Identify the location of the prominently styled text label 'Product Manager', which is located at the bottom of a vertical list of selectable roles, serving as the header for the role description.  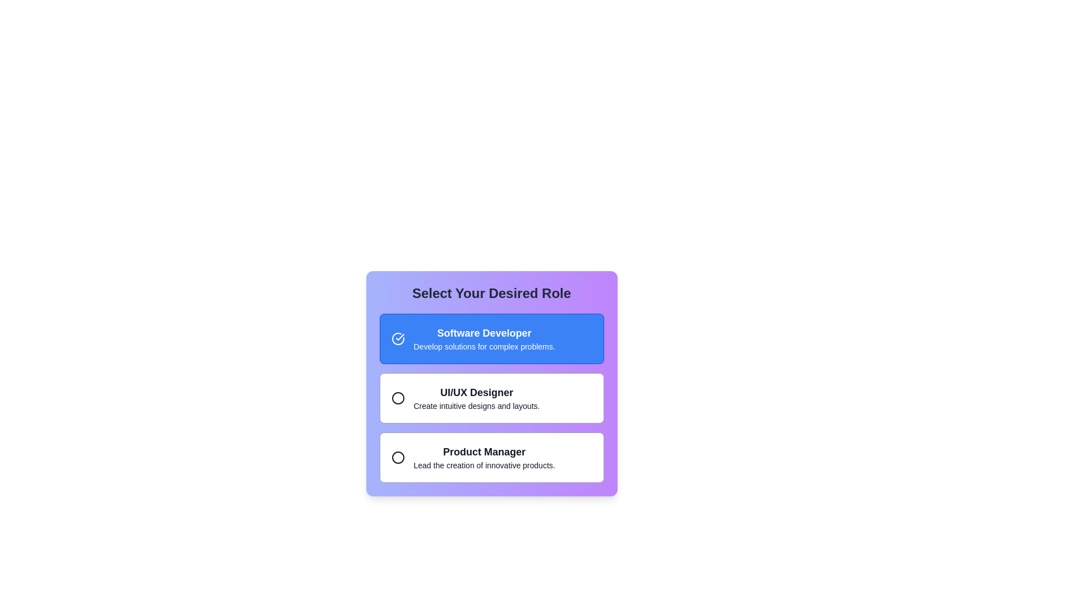
(484, 451).